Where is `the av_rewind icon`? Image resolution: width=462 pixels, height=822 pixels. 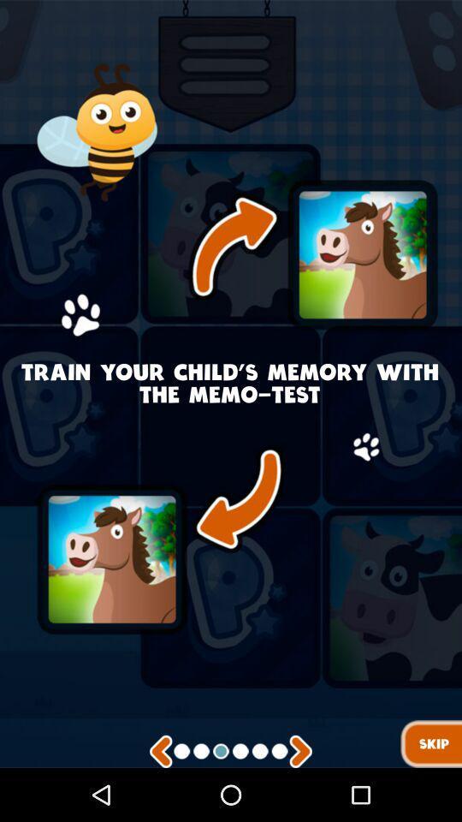 the av_rewind icon is located at coordinates (161, 804).